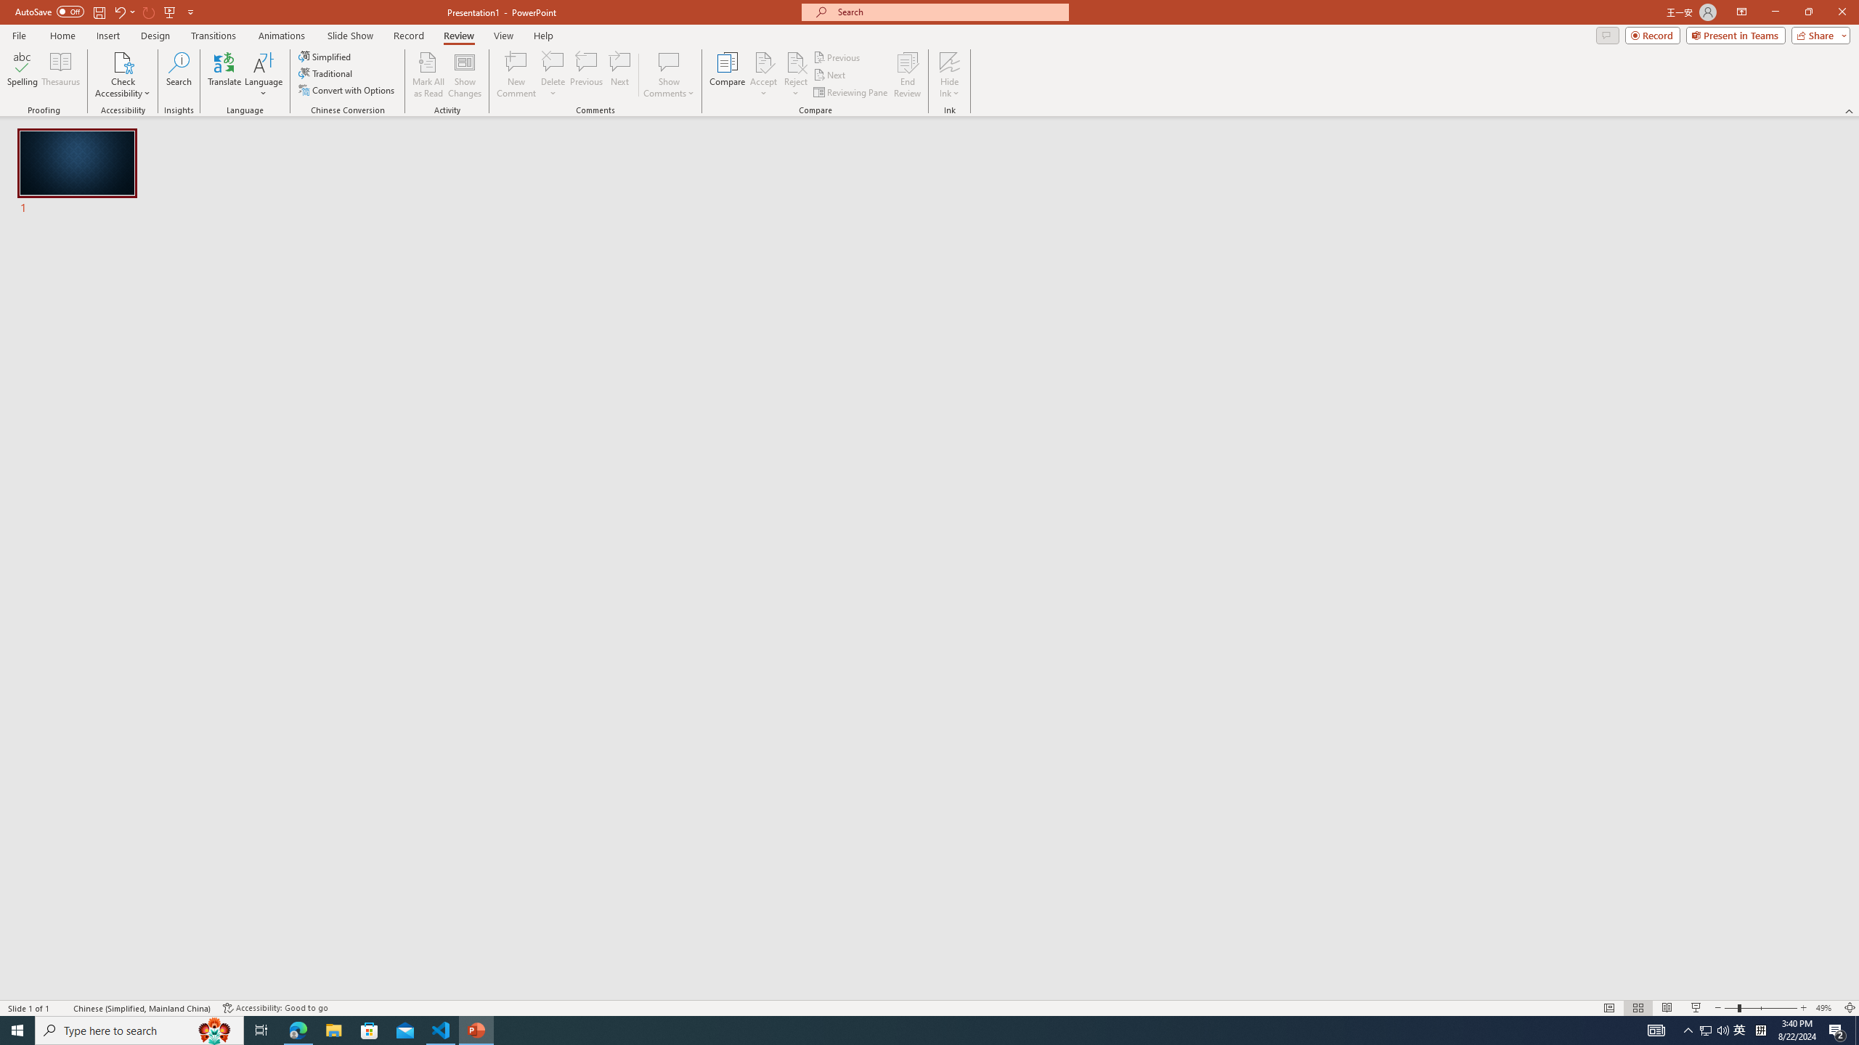 This screenshot has height=1045, width=1859. What do you see at coordinates (837, 57) in the screenshot?
I see `'Previous'` at bounding box center [837, 57].